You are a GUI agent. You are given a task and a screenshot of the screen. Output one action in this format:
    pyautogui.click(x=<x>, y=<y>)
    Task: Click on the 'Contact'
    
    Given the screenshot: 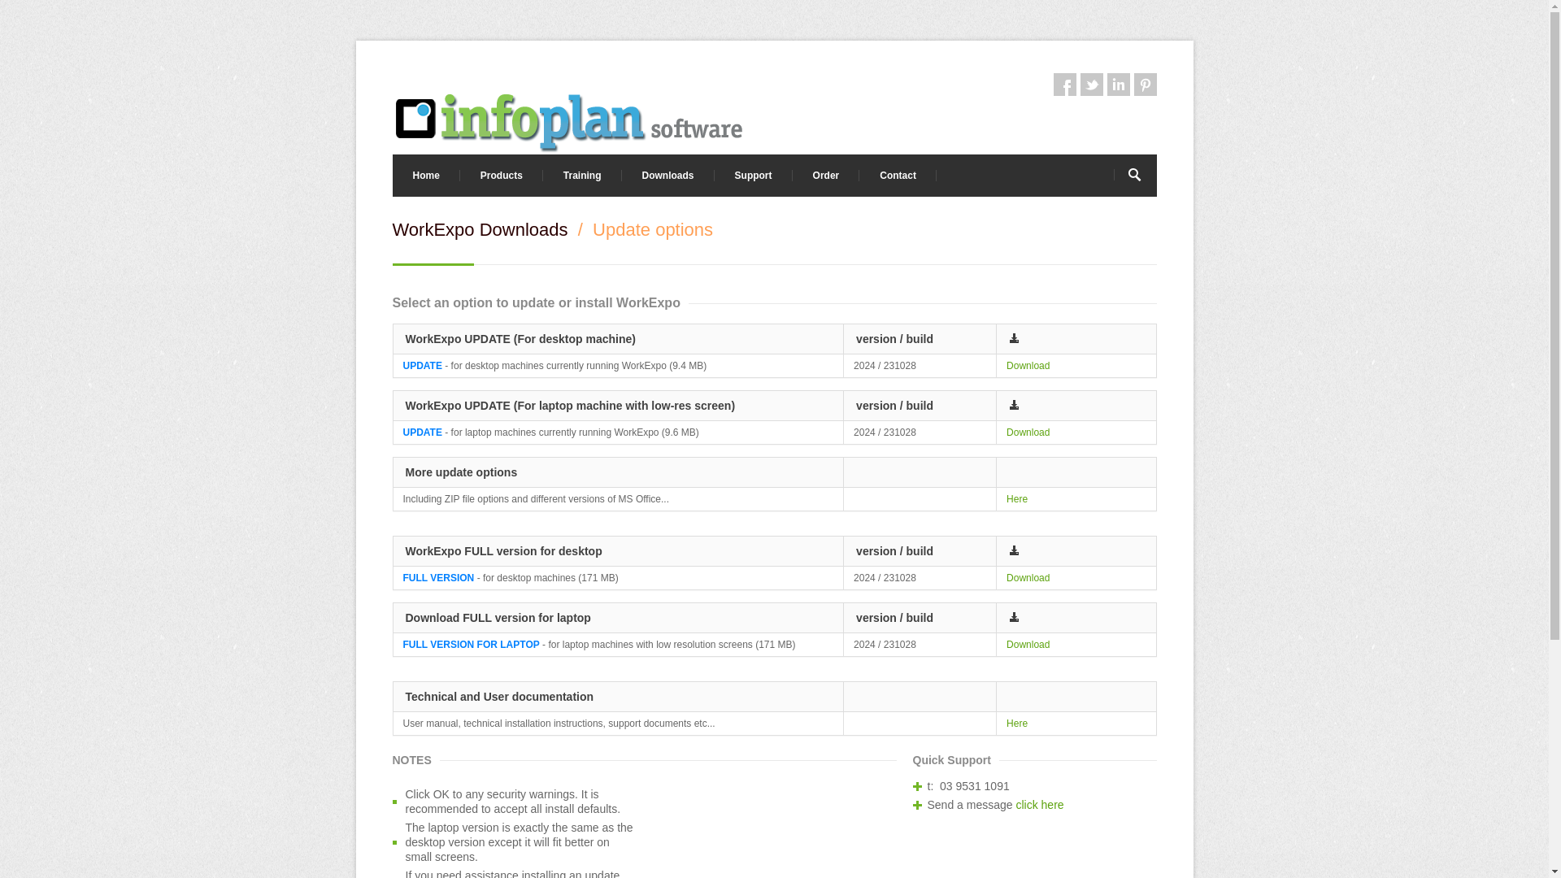 What is the action you would take?
    pyautogui.click(x=897, y=176)
    